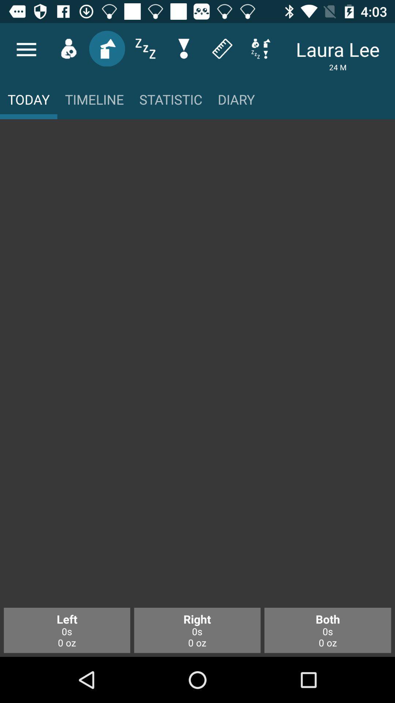  I want to click on the menu icon, so click(26, 49).